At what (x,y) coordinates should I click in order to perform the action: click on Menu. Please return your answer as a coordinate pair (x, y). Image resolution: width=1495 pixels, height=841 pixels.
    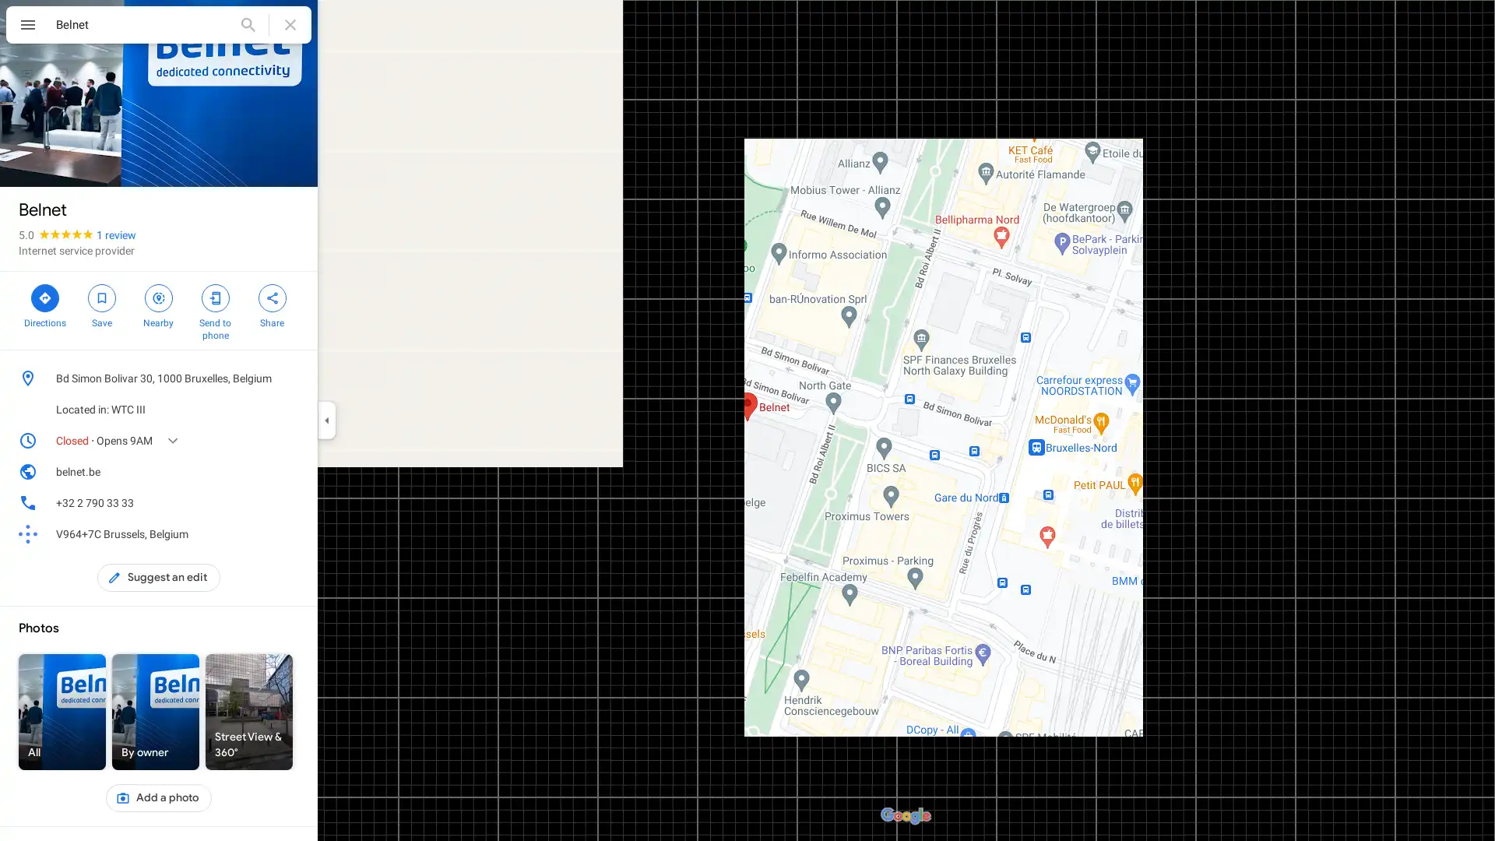
    Looking at the image, I should click on (27, 26).